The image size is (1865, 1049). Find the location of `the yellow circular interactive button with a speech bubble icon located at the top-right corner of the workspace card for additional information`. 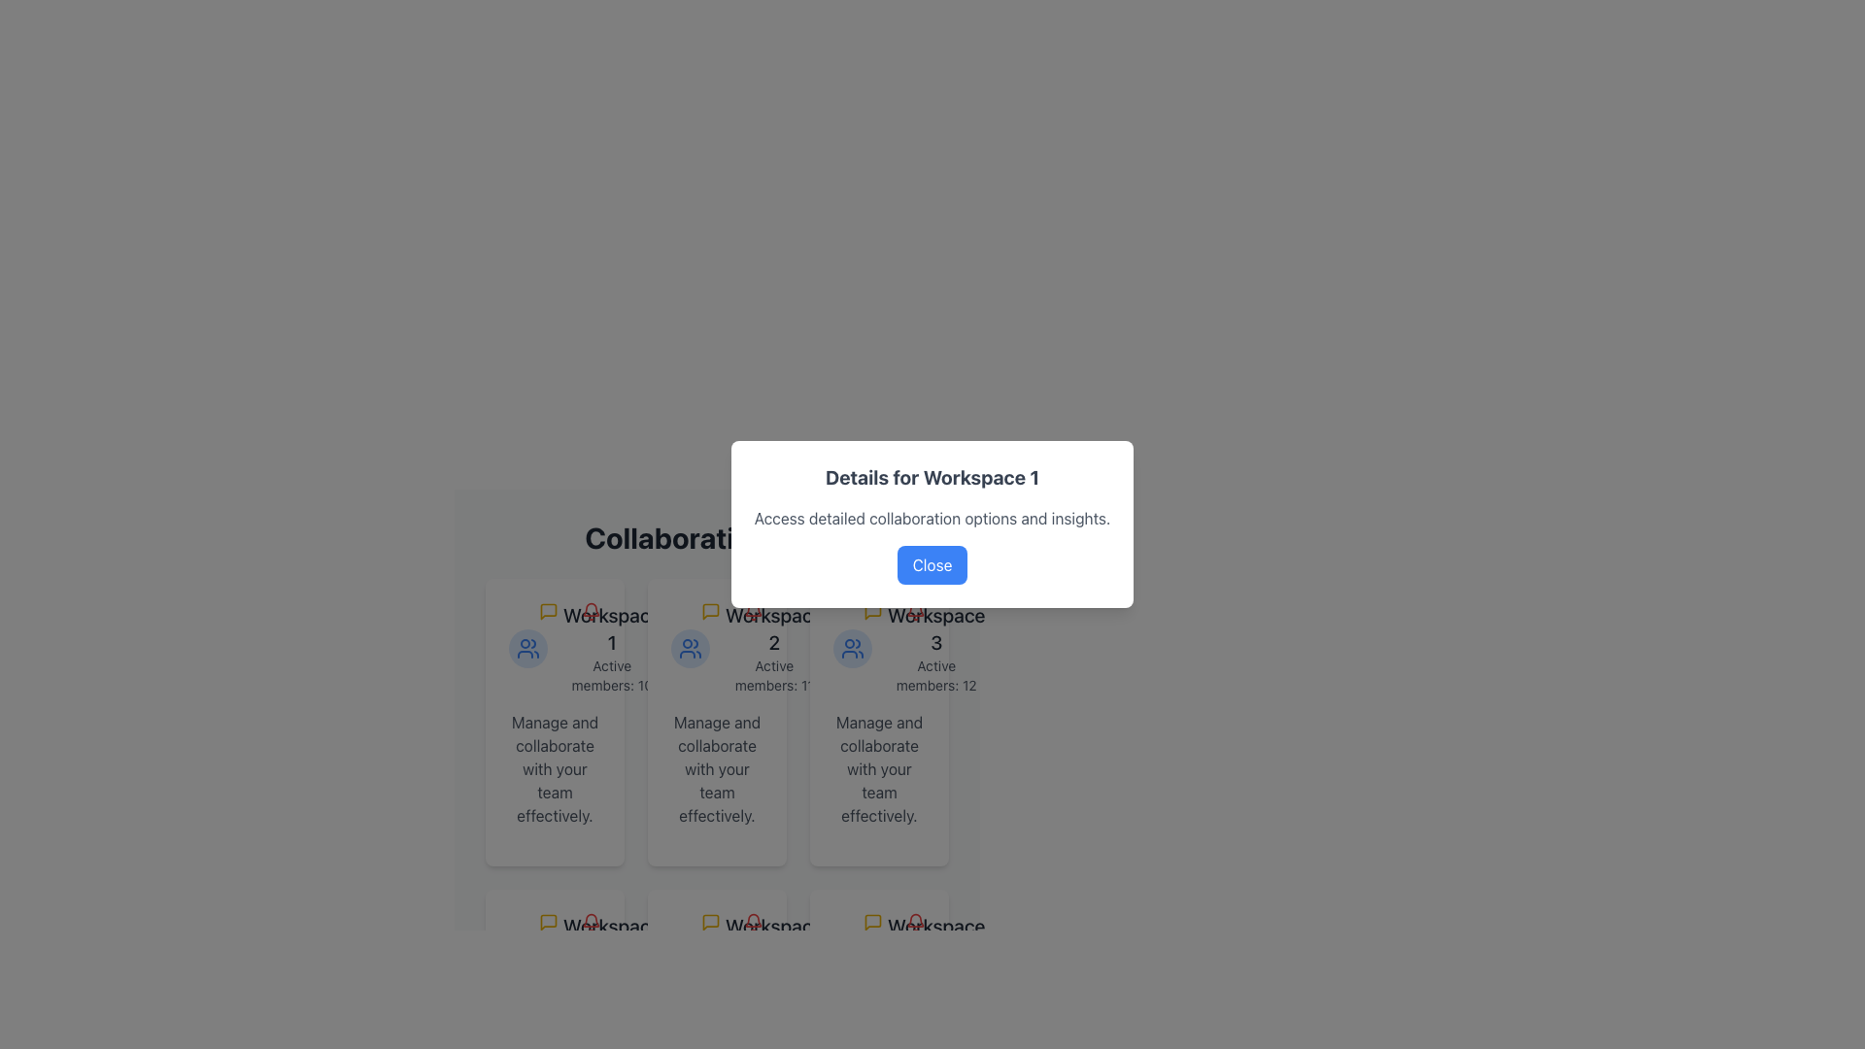

the yellow circular interactive button with a speech bubble icon located at the top-right corner of the workspace card for additional information is located at coordinates (548, 610).